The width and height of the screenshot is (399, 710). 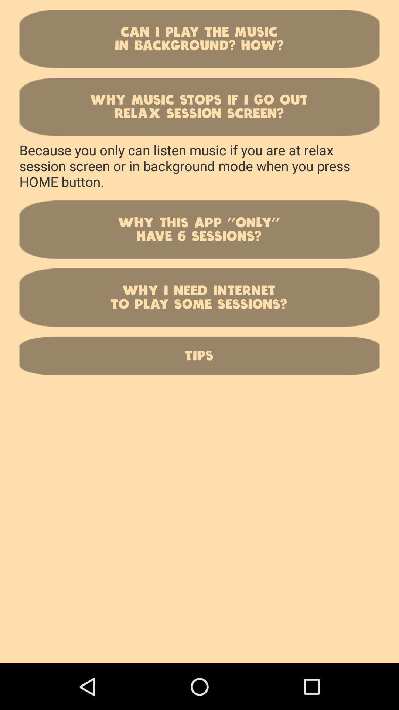 What do you see at coordinates (199, 106) in the screenshot?
I see `why music stops icon` at bounding box center [199, 106].